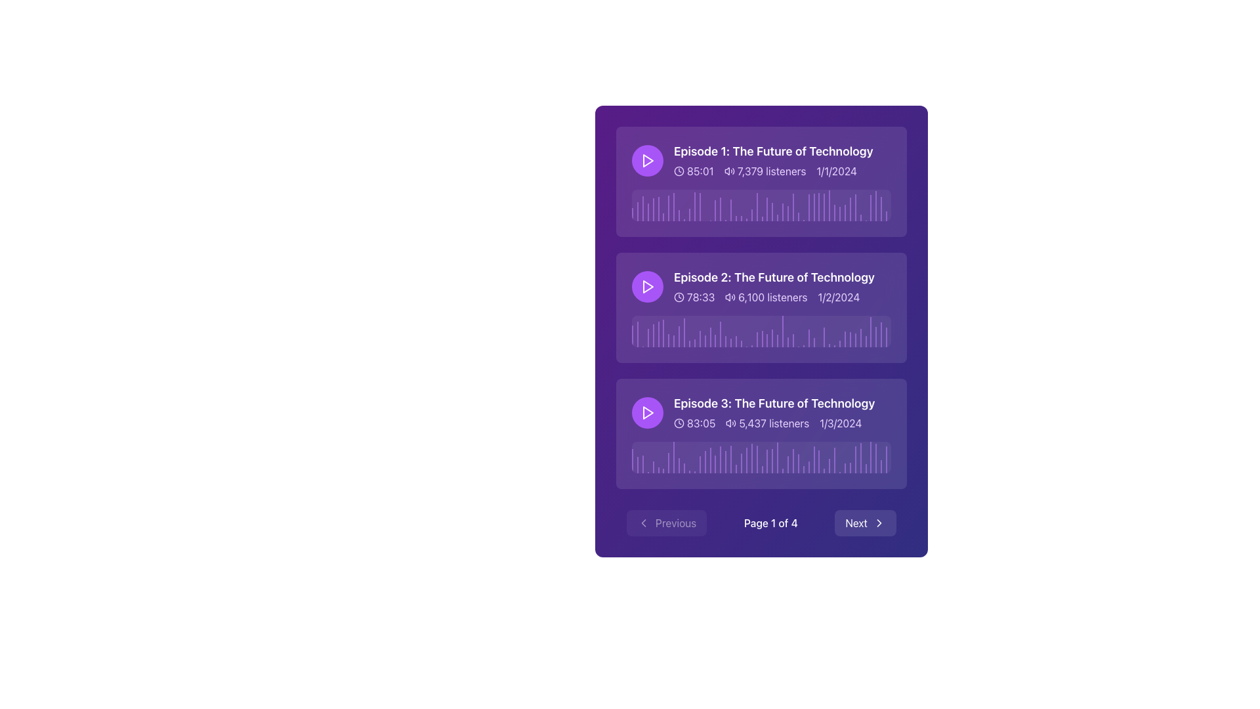 The height and width of the screenshot is (709, 1260). What do you see at coordinates (783, 331) in the screenshot?
I see `the thin vertical purple bar that represents a graphical component in the waveform visualizer` at bounding box center [783, 331].